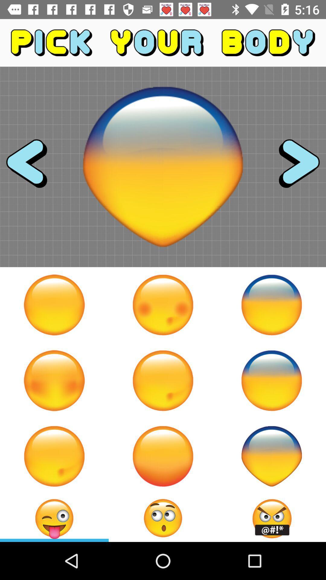 This screenshot has width=326, height=580. What do you see at coordinates (32, 167) in the screenshot?
I see `swipe left` at bounding box center [32, 167].